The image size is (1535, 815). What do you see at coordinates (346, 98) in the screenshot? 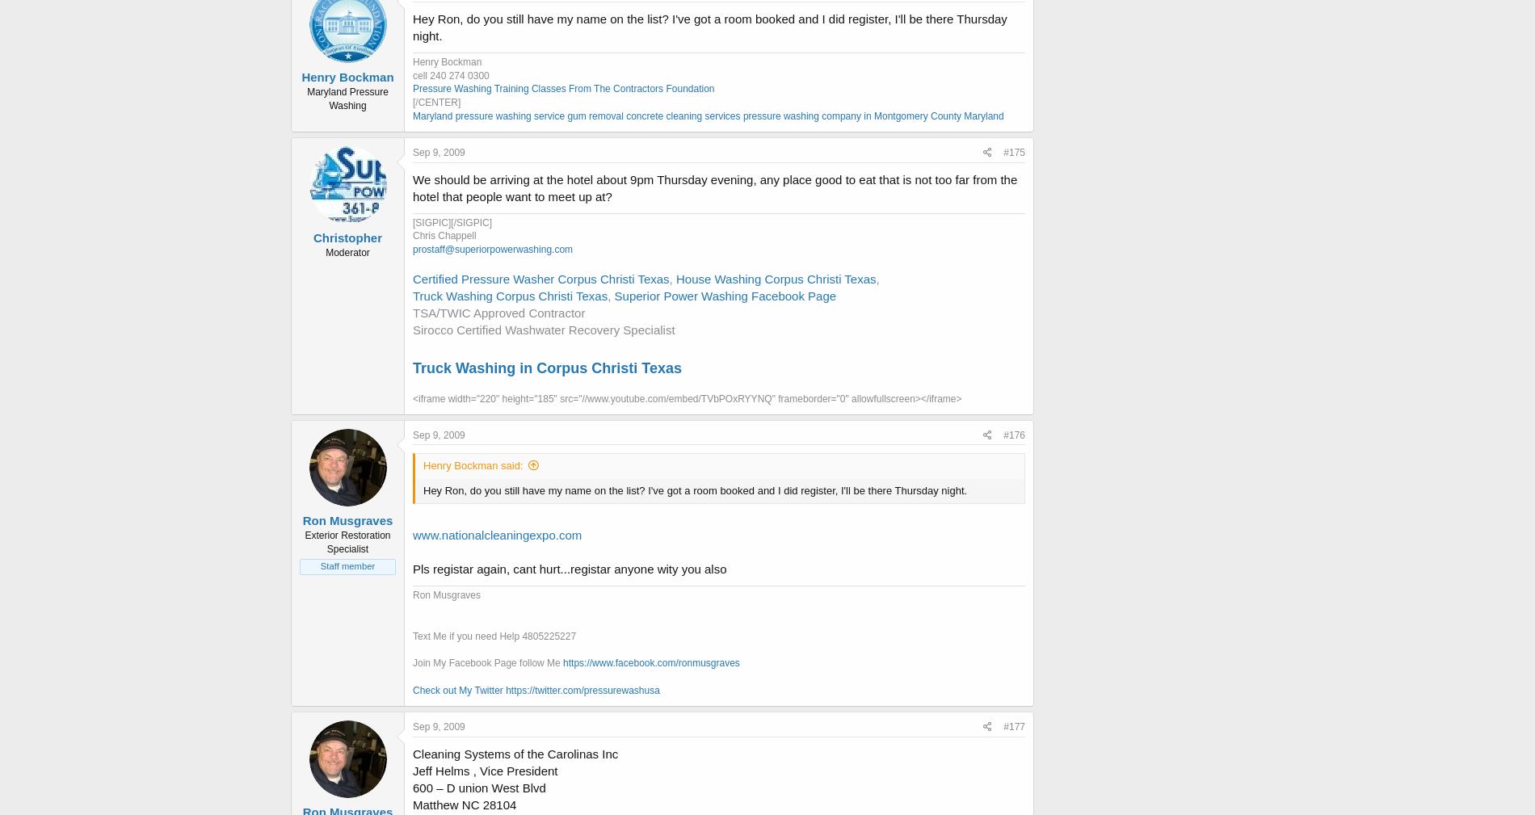
I see `'Maryland Pressure Washing'` at bounding box center [346, 98].